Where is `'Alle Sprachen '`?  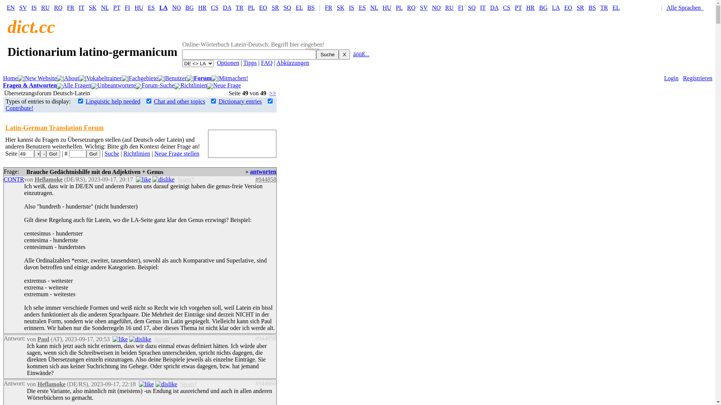
'Alle Sprachen ' is located at coordinates (686, 7).